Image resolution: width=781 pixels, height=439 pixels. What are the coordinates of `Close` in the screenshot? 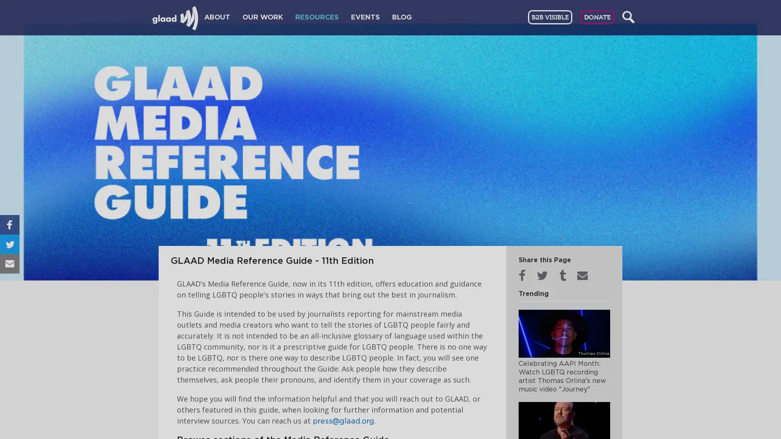 It's located at (593, 96).